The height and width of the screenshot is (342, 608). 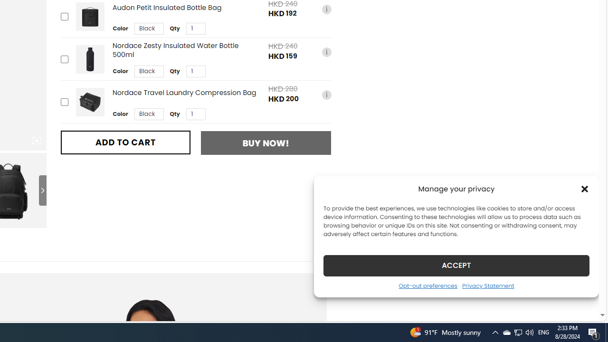 I want to click on 'ACCEPT', so click(x=456, y=265).